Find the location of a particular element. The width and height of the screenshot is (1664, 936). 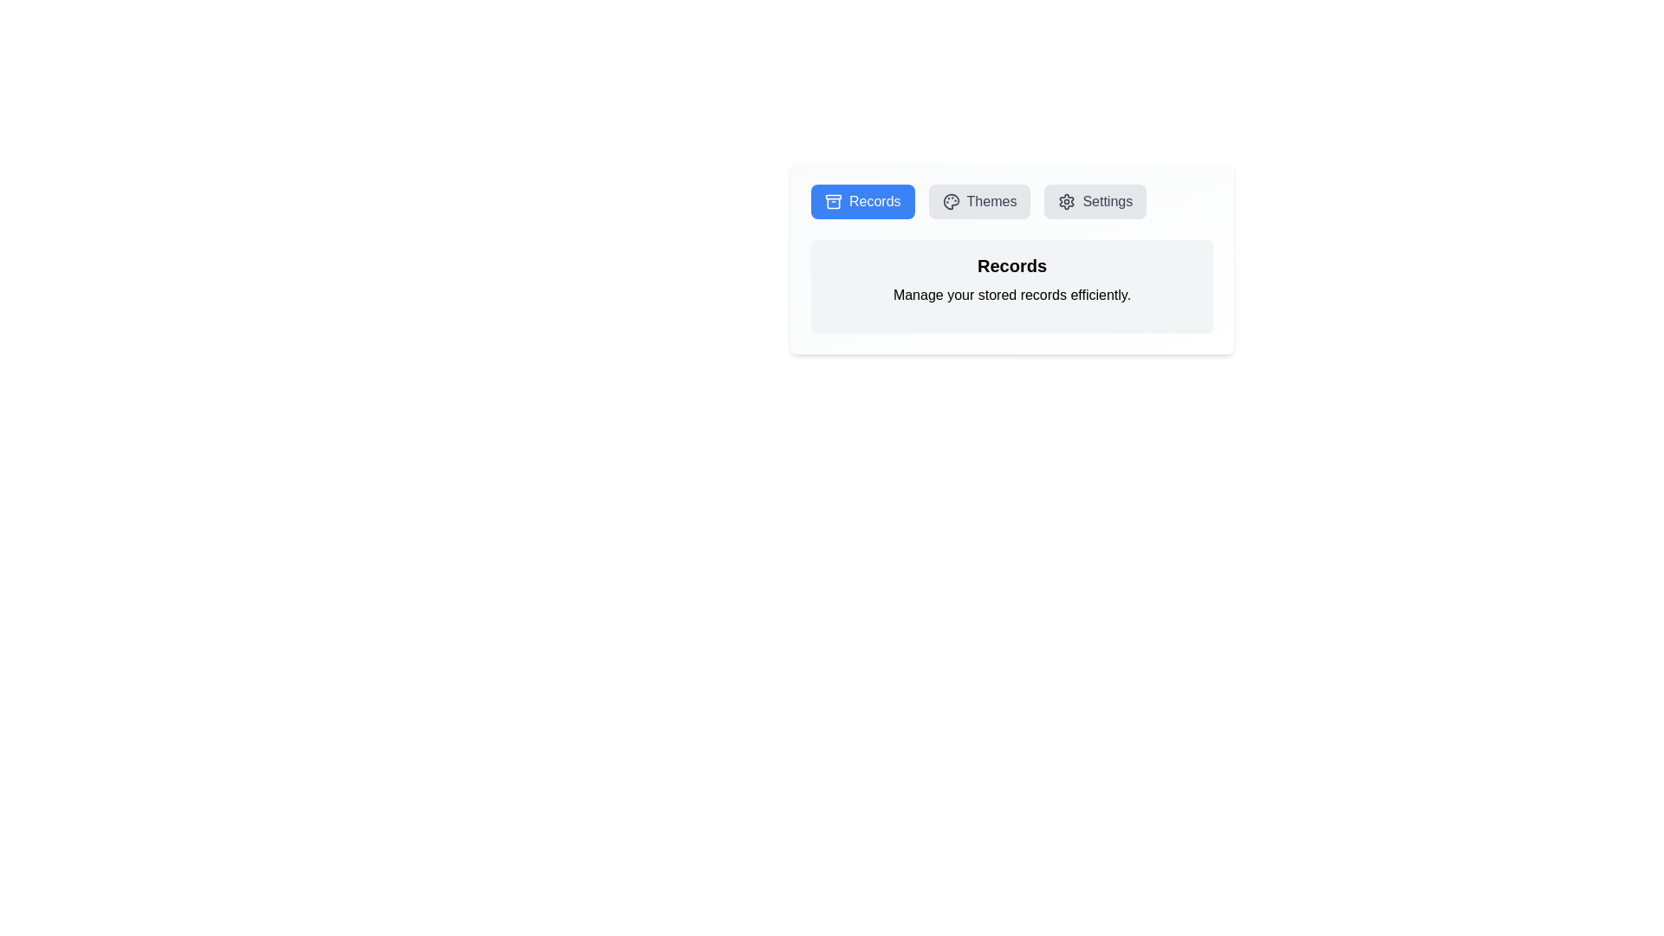

the Themes tab by clicking the corresponding button is located at coordinates (979, 200).